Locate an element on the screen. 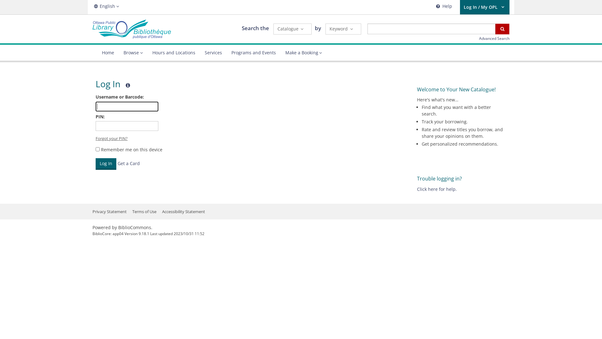 Image resolution: width=602 pixels, height=339 pixels. 'Get a Card' is located at coordinates (117, 163).